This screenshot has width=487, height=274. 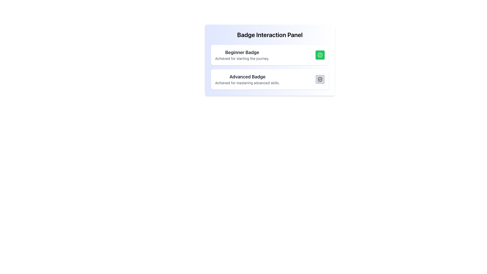 What do you see at coordinates (320, 55) in the screenshot?
I see `the green circular badge icon with a white checkmark, which indicates completion, located to the right of the 'Beginner Badge' label in the 'Badge Interaction Panel'` at bounding box center [320, 55].